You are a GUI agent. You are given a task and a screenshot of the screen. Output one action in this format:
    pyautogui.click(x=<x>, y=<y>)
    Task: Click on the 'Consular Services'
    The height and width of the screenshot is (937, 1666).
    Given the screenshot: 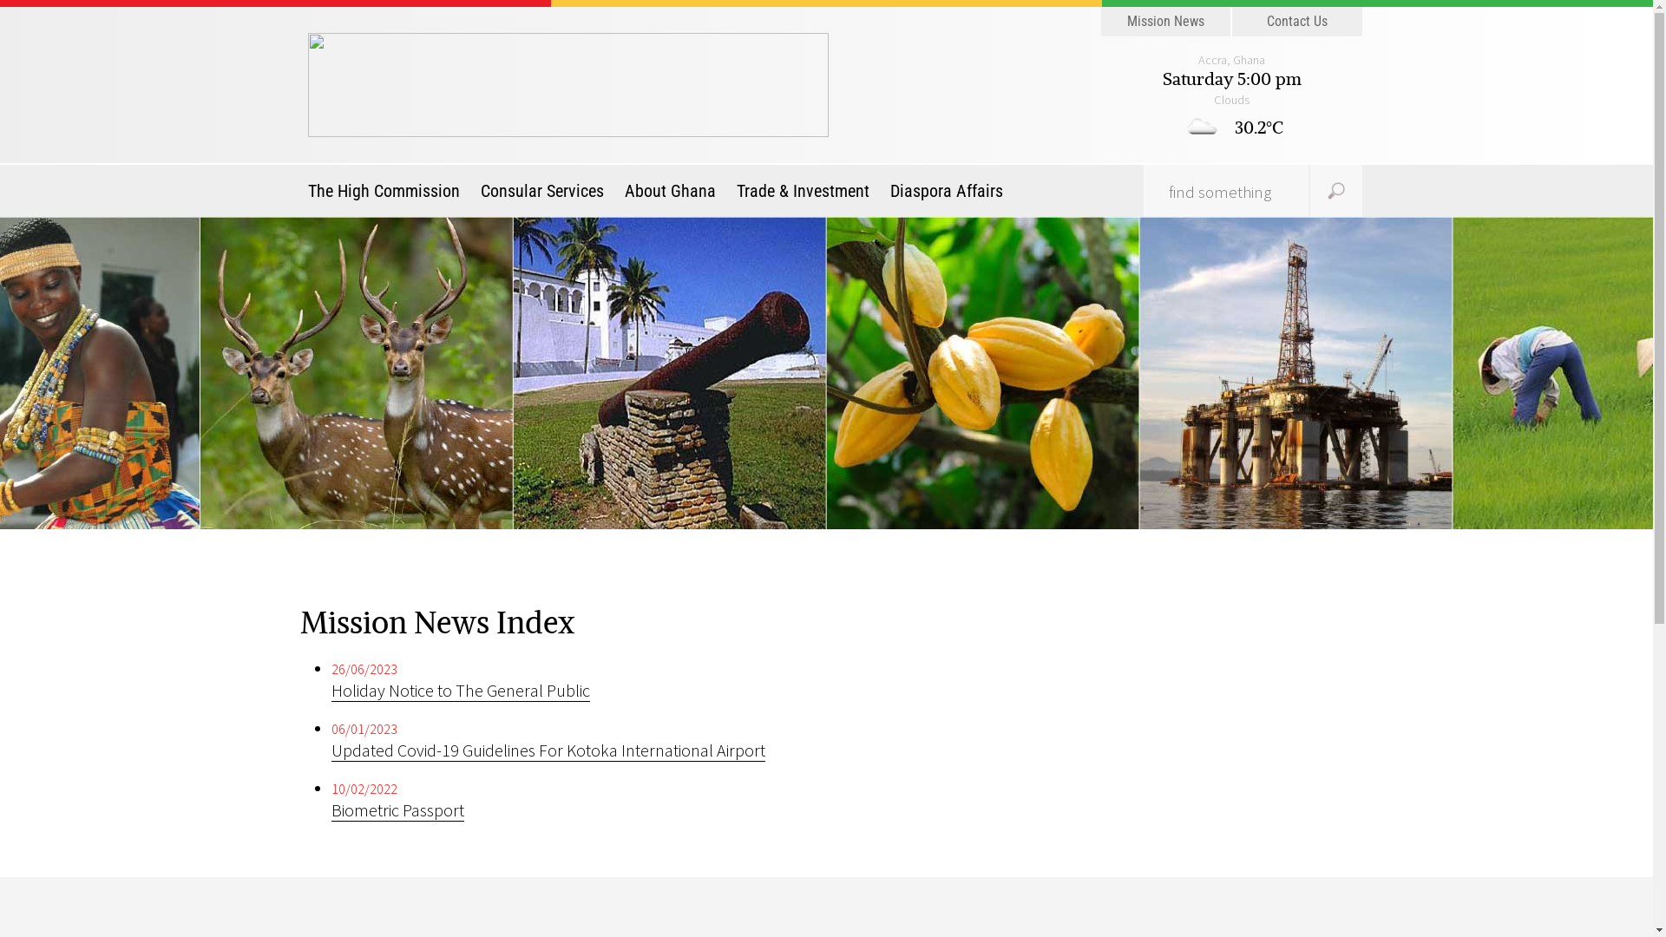 What is the action you would take?
    pyautogui.click(x=541, y=190)
    